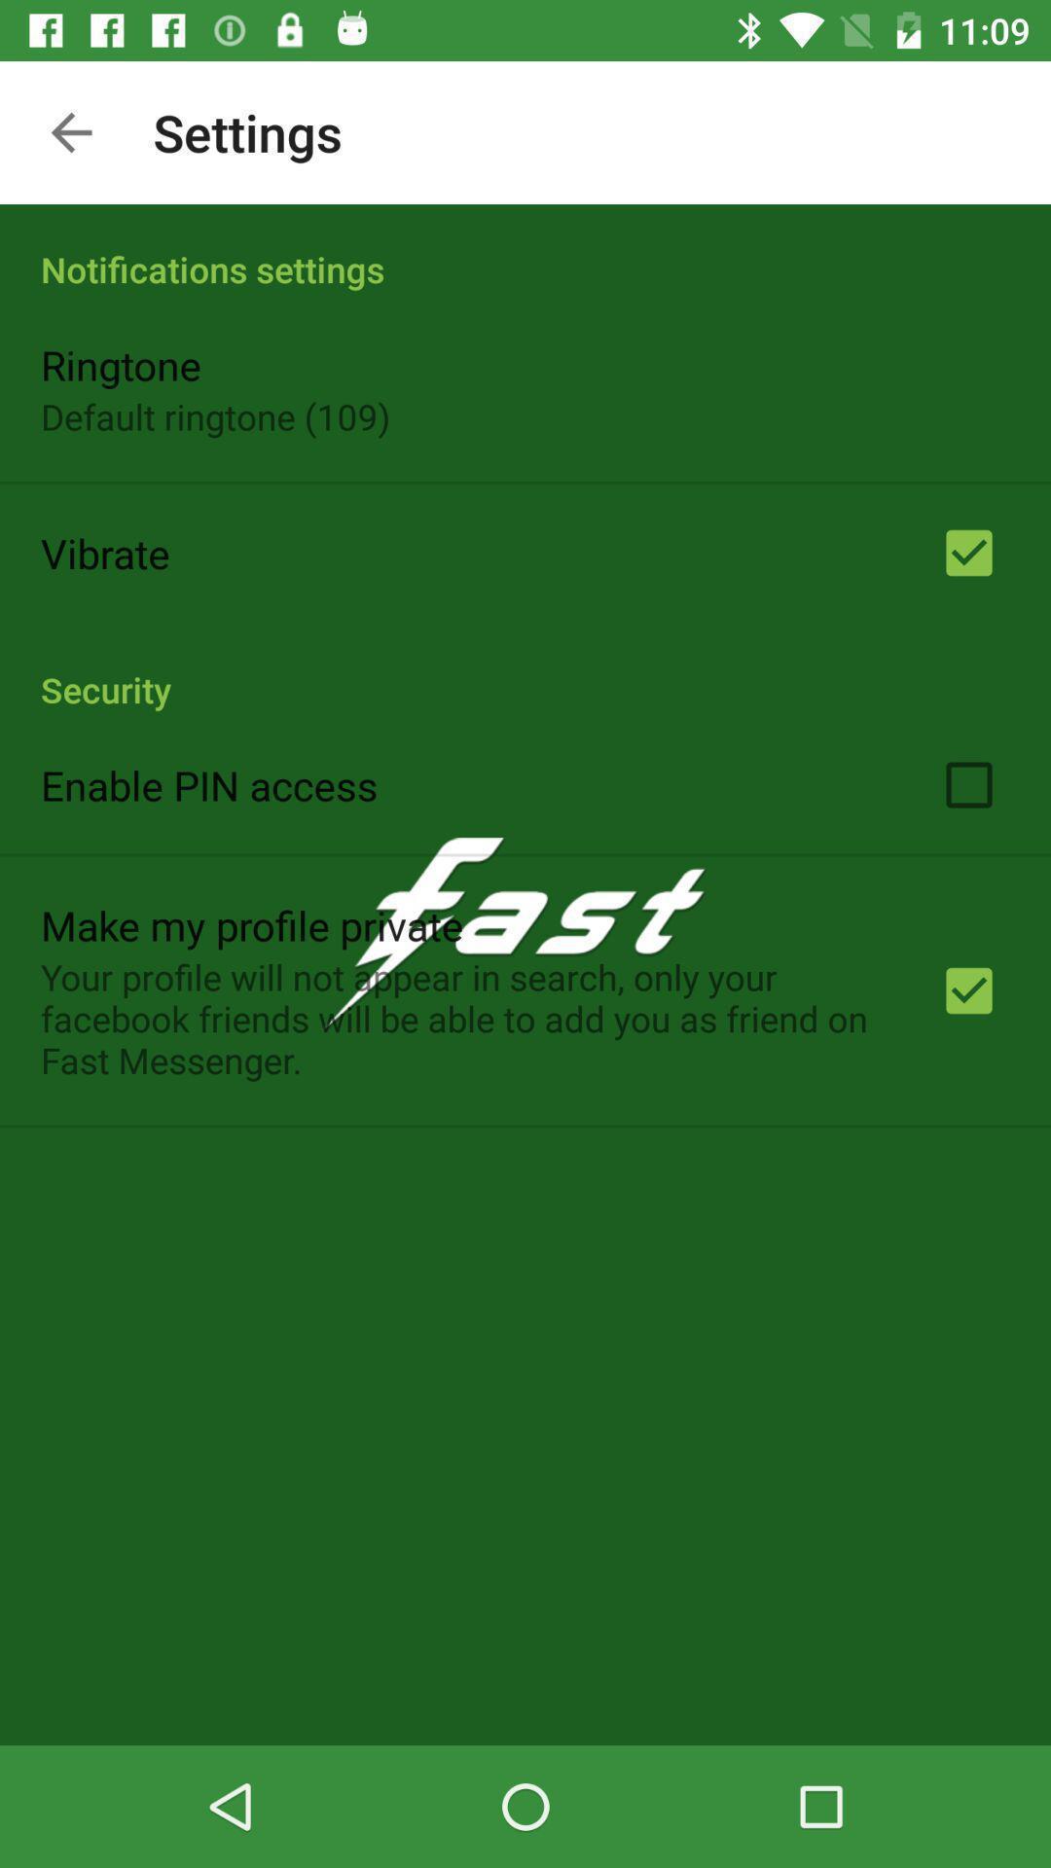 This screenshot has height=1868, width=1051. What do you see at coordinates (525, 247) in the screenshot?
I see `item above the ringtone` at bounding box center [525, 247].